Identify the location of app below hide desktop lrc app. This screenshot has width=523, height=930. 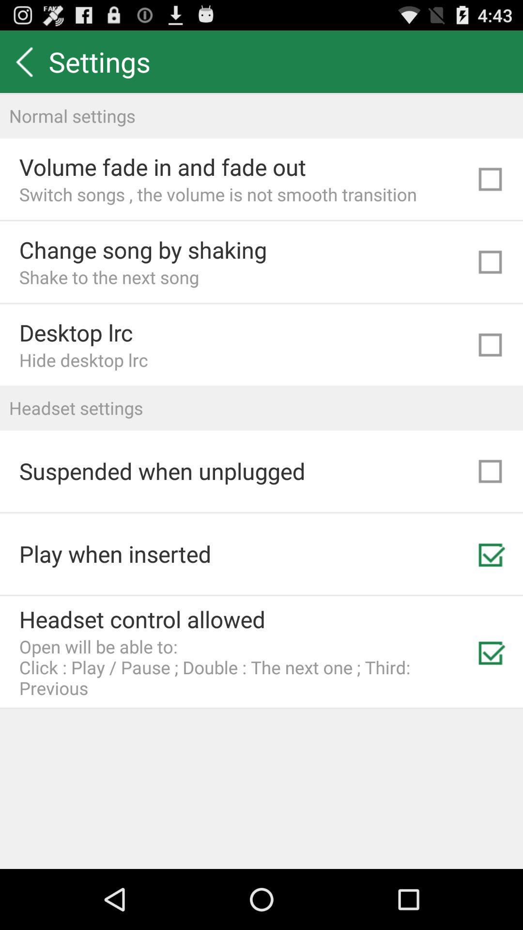
(261, 408).